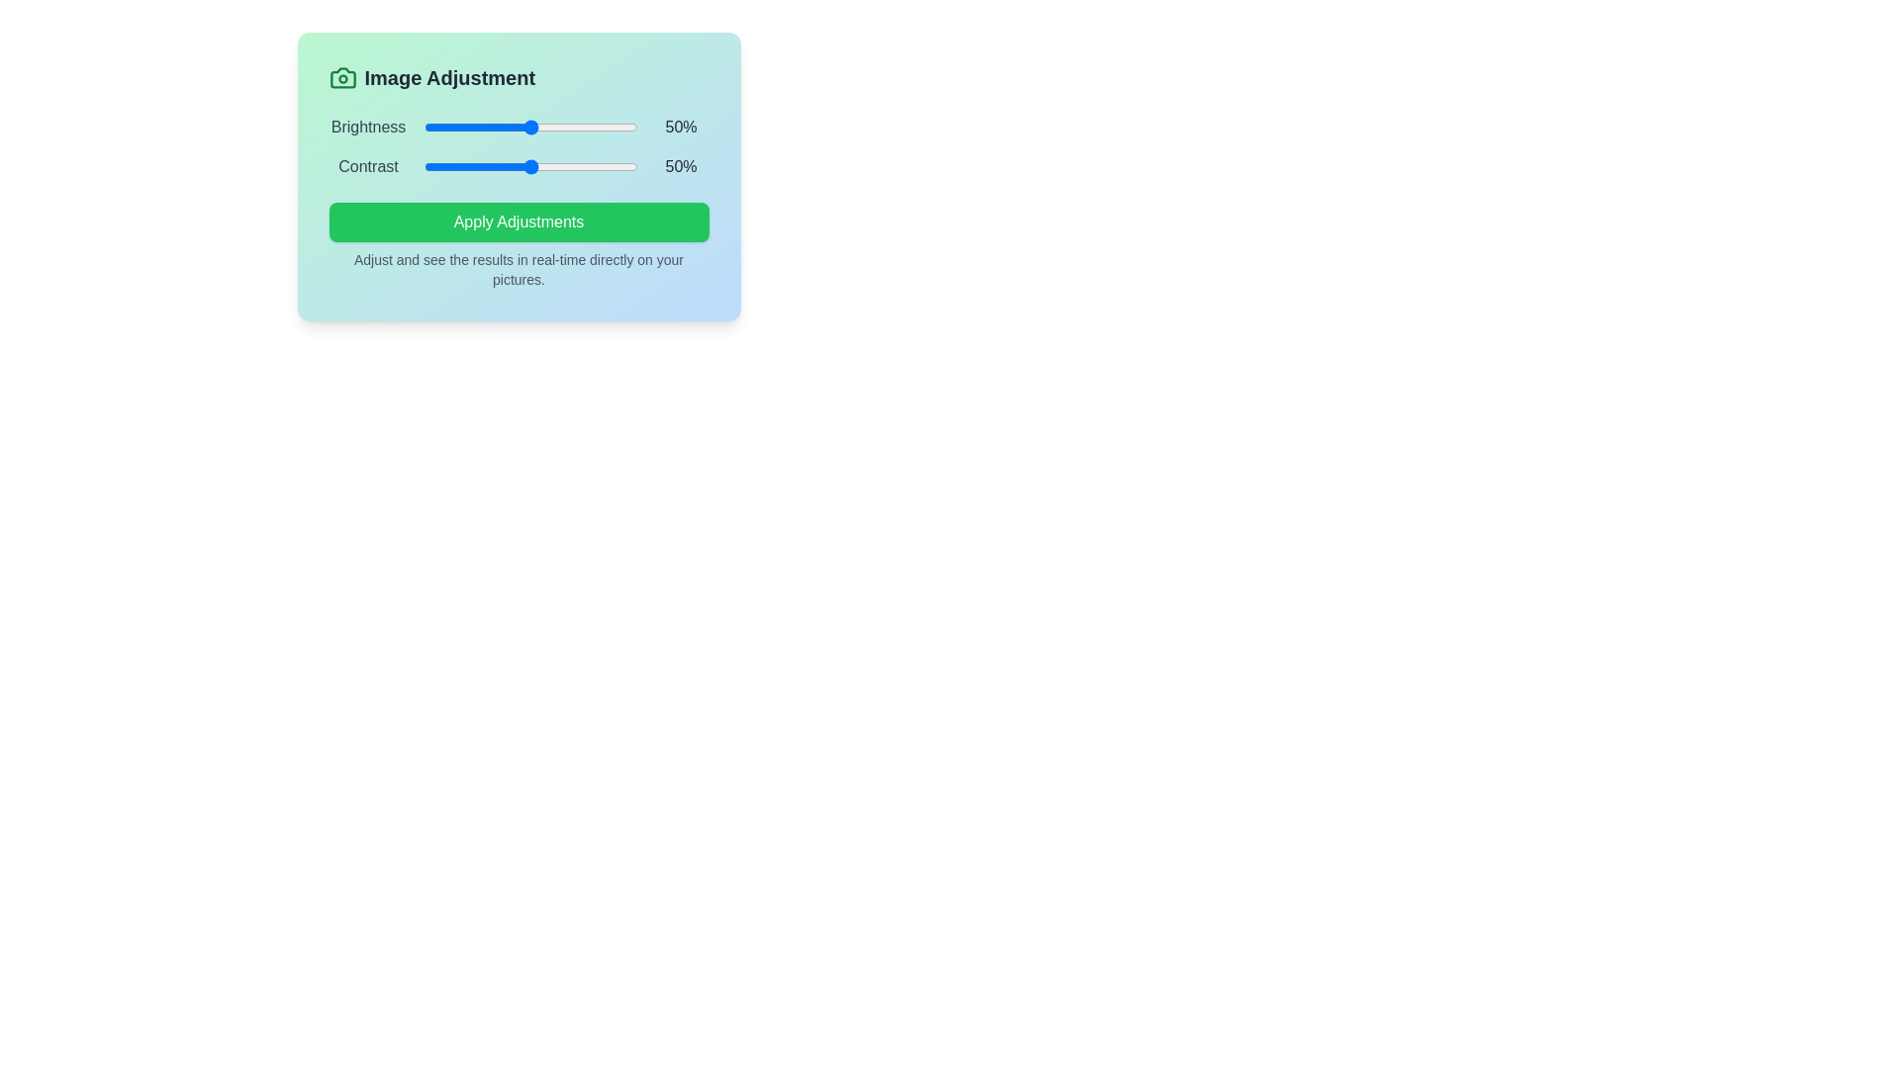 The width and height of the screenshot is (1900, 1068). What do you see at coordinates (519, 222) in the screenshot?
I see `the 'Apply Adjustments' button to apply the current settings` at bounding box center [519, 222].